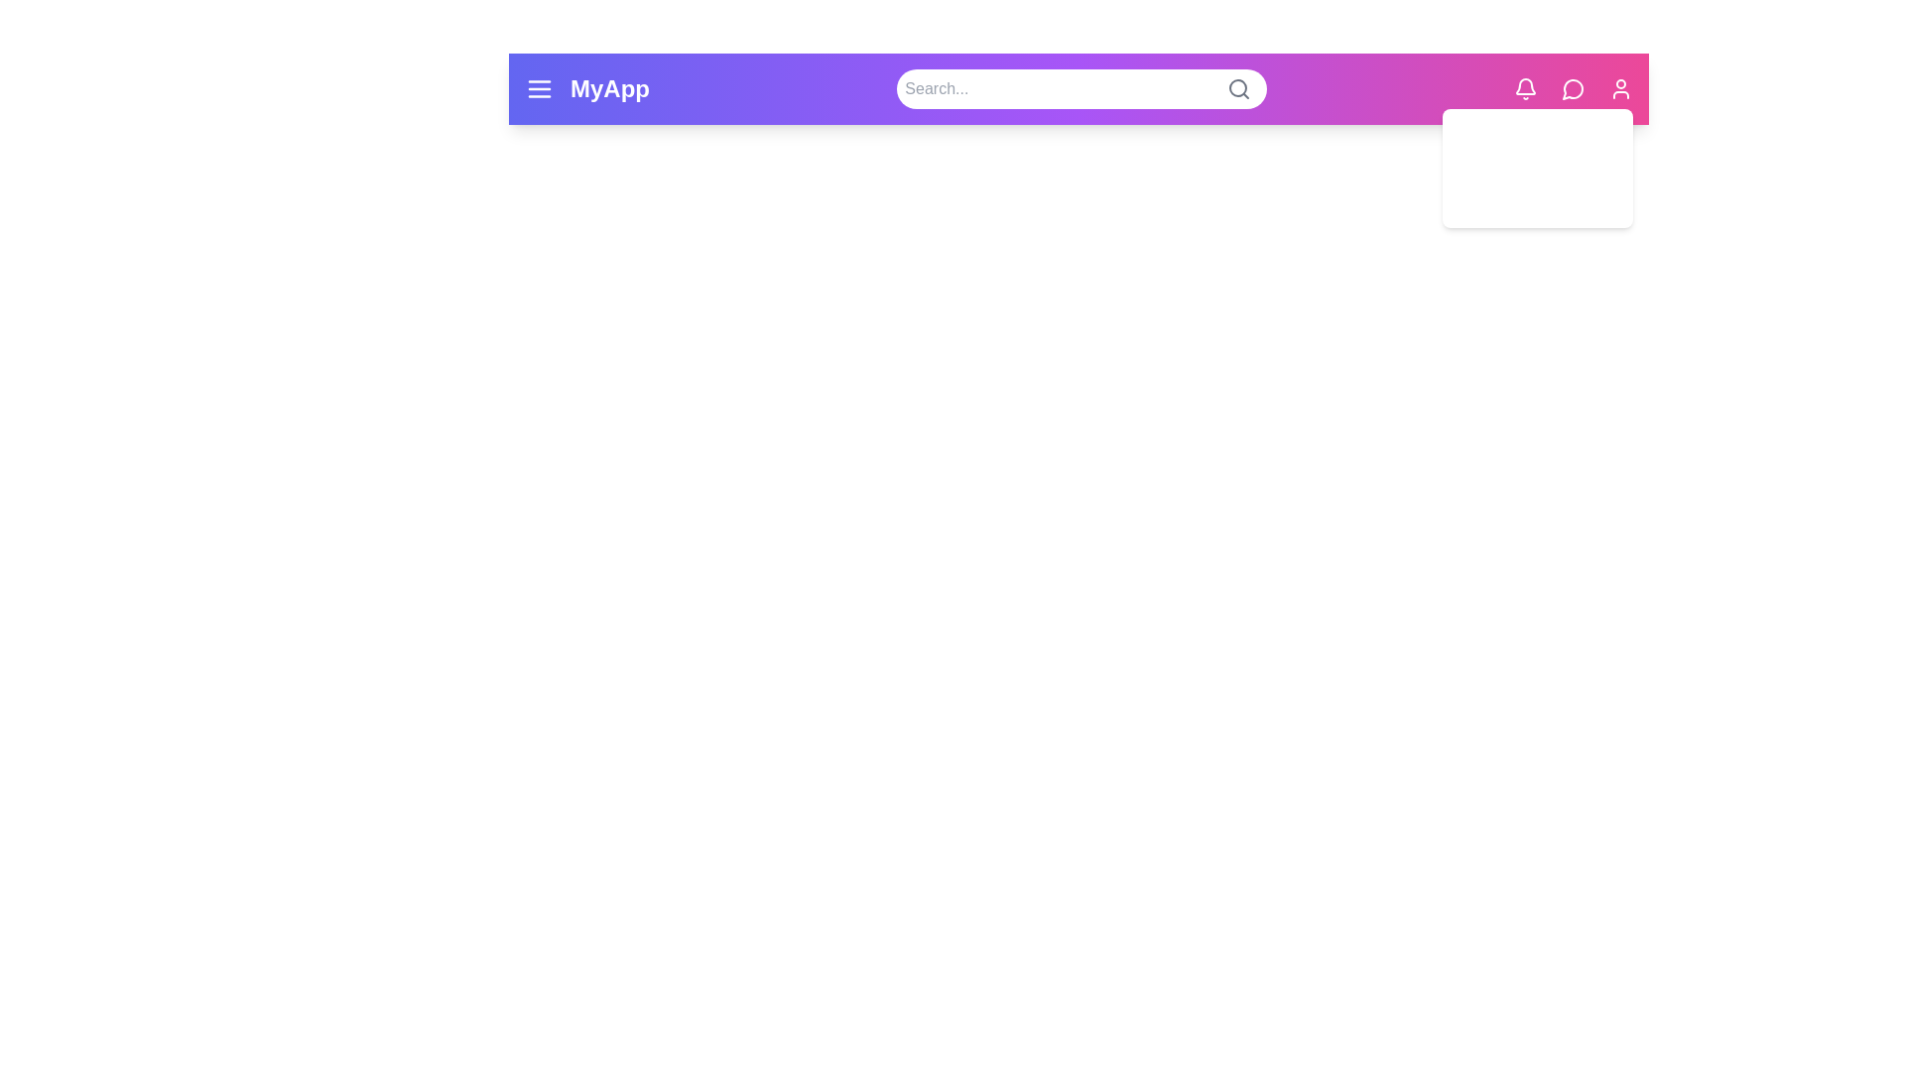  Describe the element at coordinates (539, 87) in the screenshot. I see `the menu icon to toggle the menu` at that location.